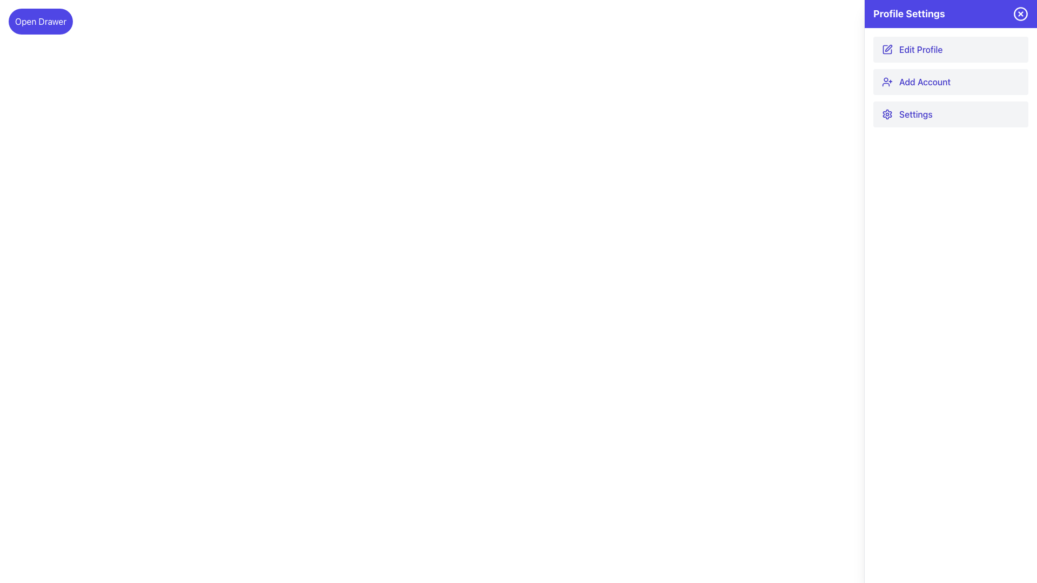 This screenshot has height=583, width=1037. What do you see at coordinates (41, 21) in the screenshot?
I see `the button located at the top left corner of the interface` at bounding box center [41, 21].